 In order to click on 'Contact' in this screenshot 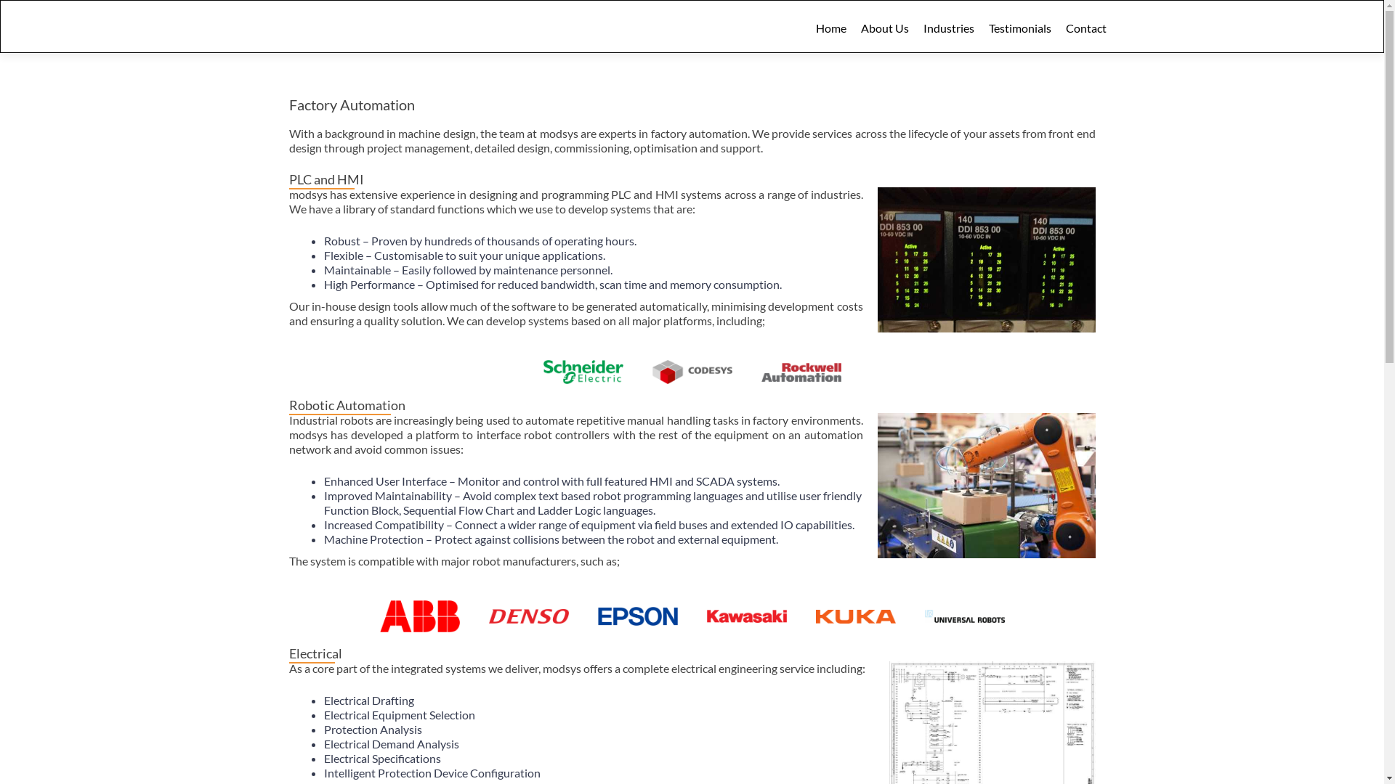, I will do `click(1085, 28)`.